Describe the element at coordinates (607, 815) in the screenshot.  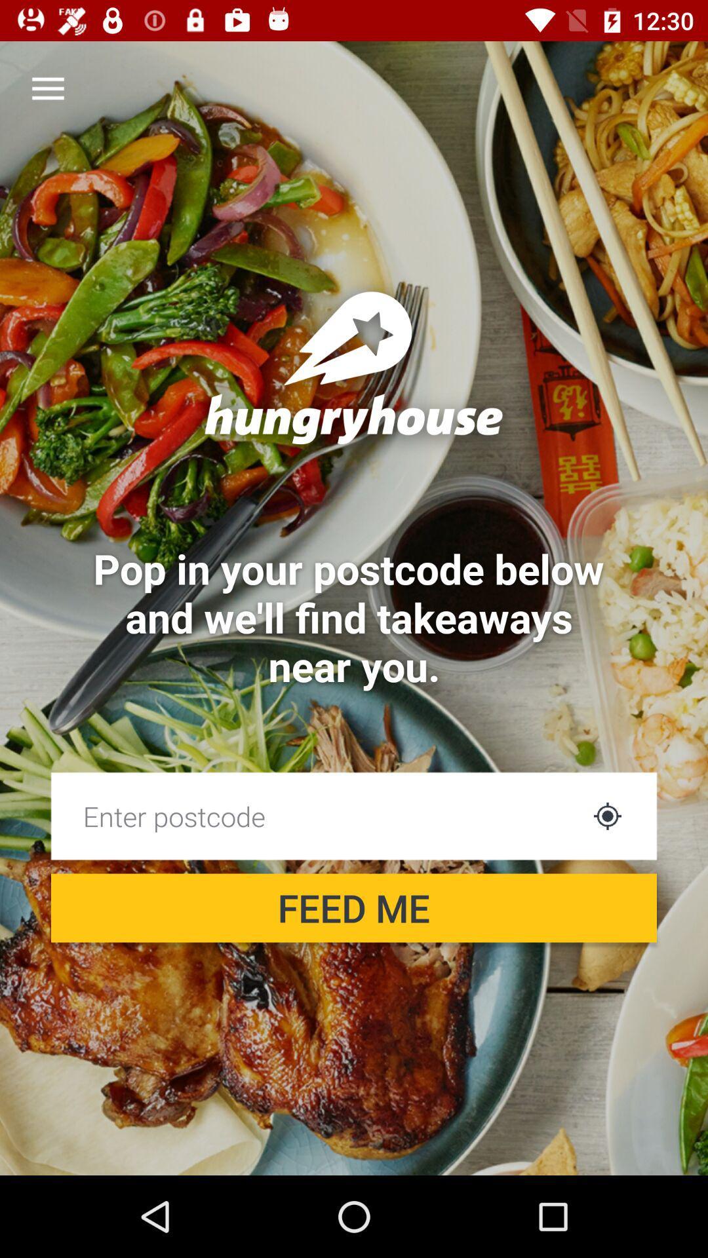
I see `item on the right` at that location.